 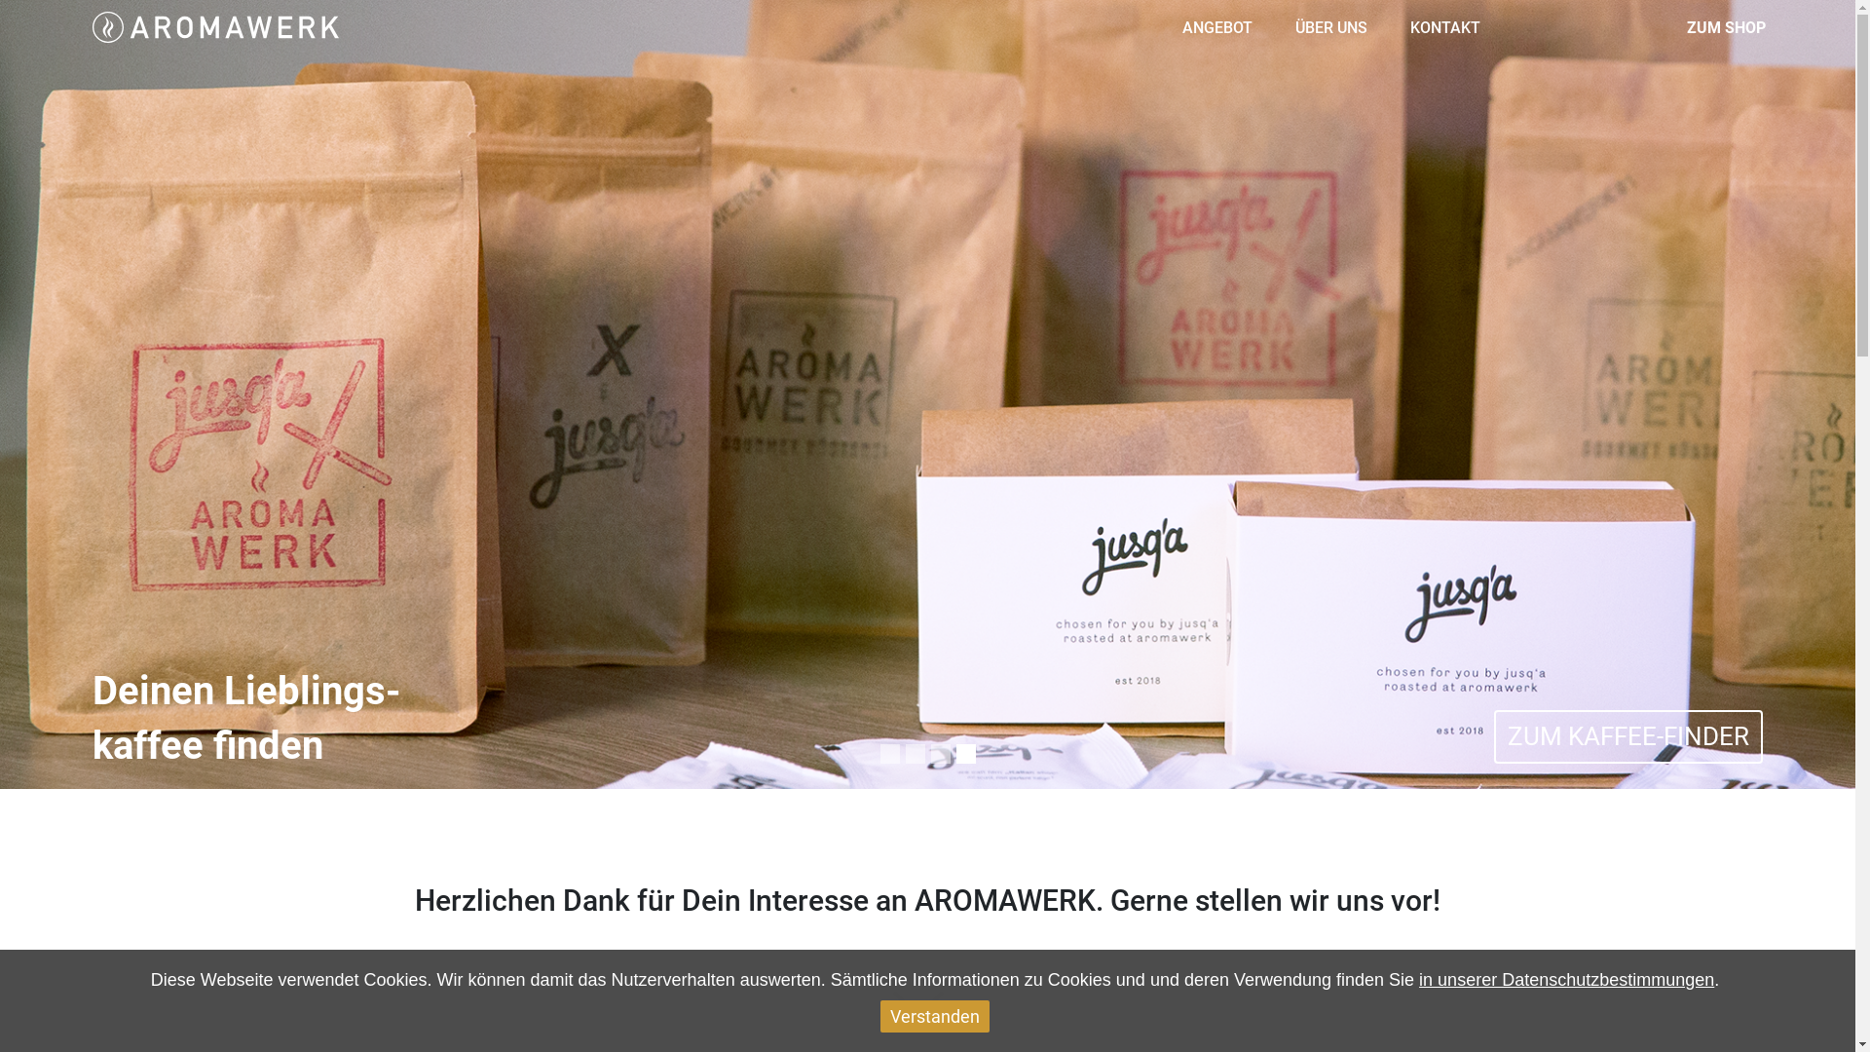 I want to click on 'in unserer Datenschutzbestimmungen', so click(x=1566, y=980).